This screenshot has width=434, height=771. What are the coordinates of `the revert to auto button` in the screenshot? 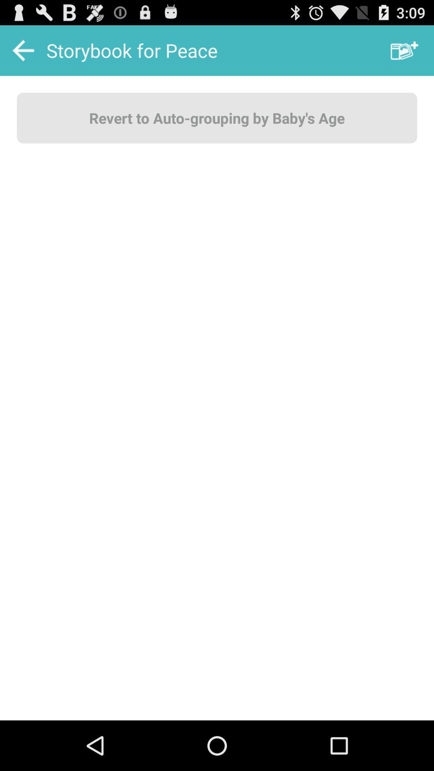 It's located at (217, 117).